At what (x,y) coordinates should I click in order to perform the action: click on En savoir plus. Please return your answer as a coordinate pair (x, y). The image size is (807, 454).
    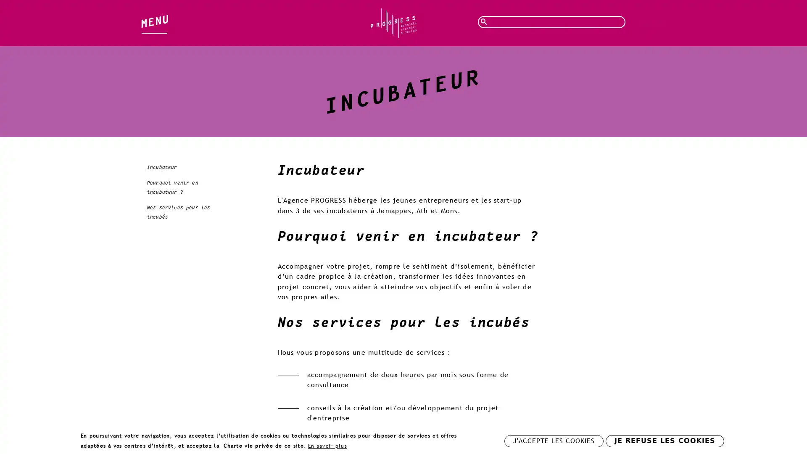
    Looking at the image, I should click on (327, 445).